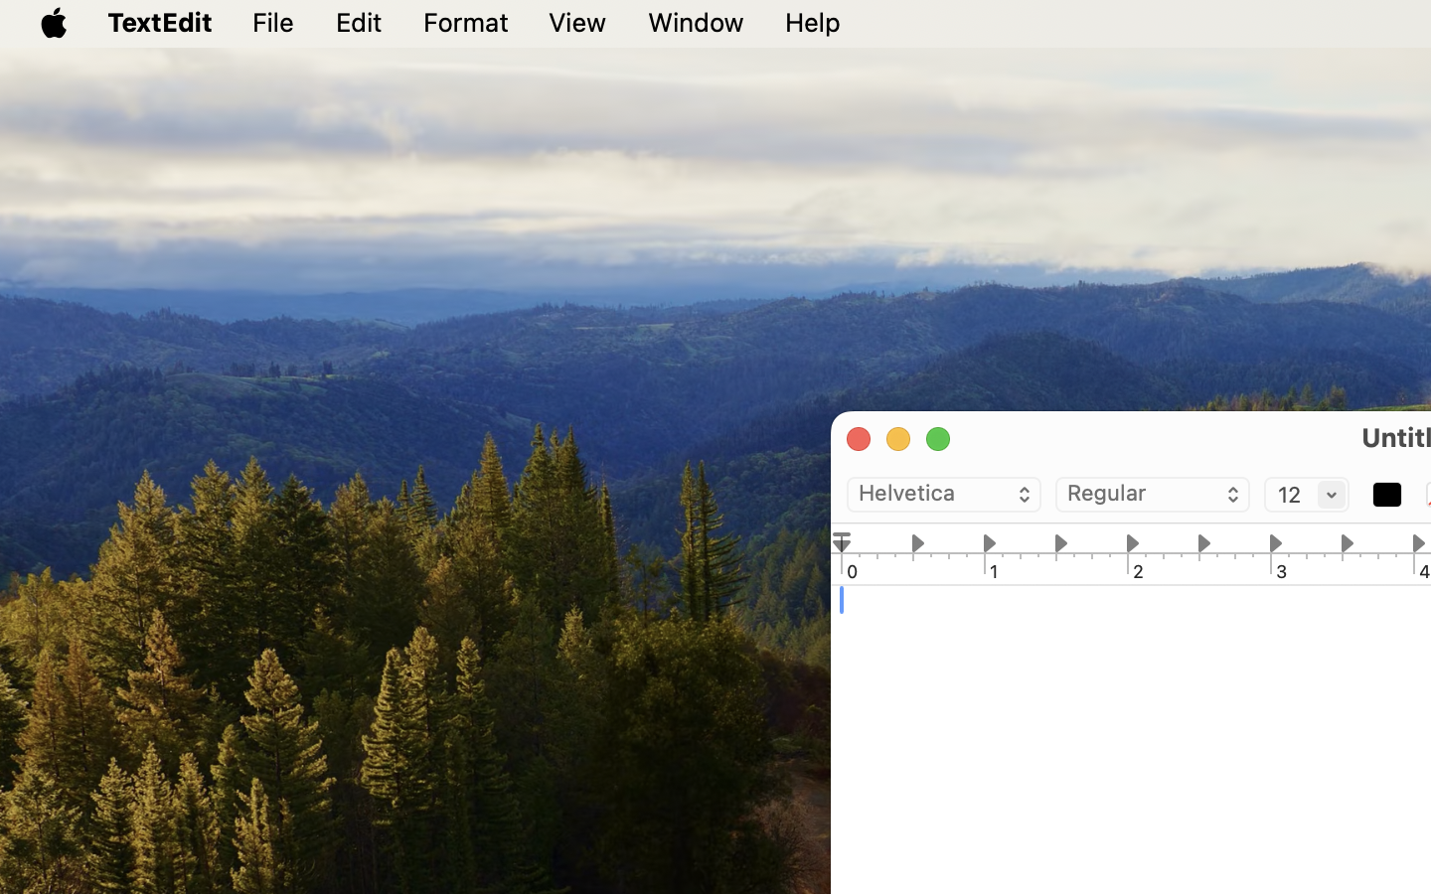  I want to click on '12', so click(1307, 494).